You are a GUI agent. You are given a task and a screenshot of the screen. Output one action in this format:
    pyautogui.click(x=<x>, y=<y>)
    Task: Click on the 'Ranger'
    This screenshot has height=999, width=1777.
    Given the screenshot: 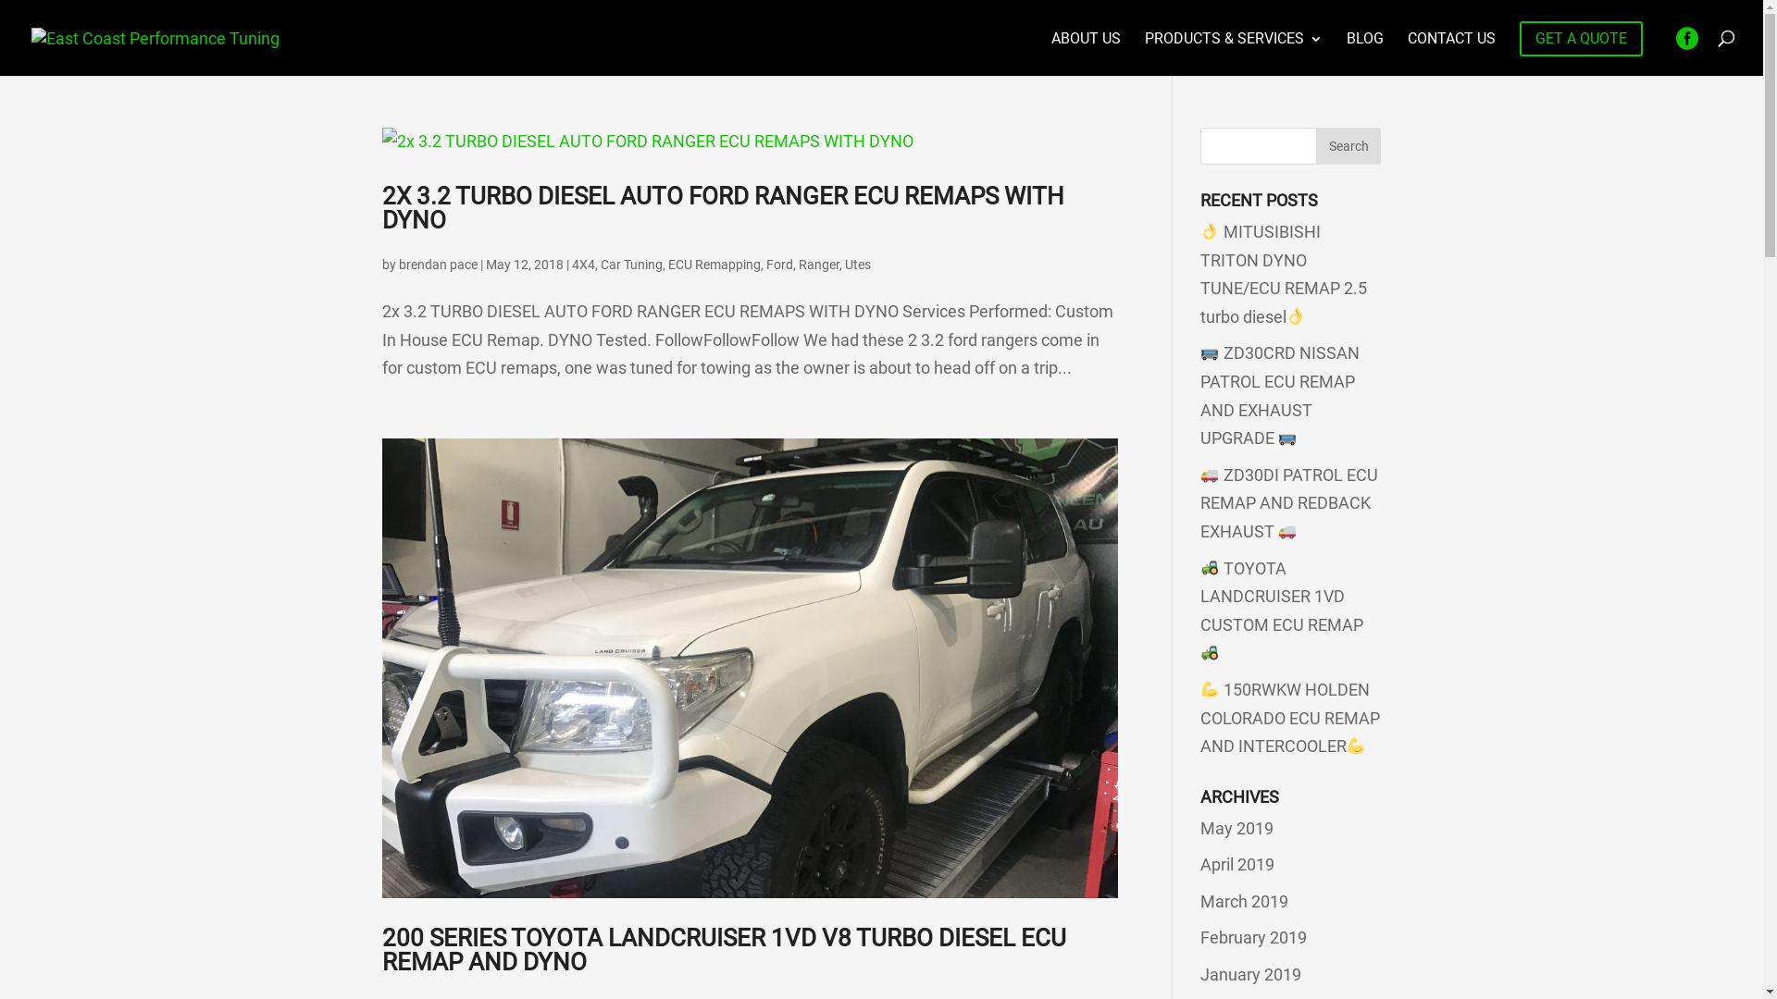 What is the action you would take?
    pyautogui.click(x=816, y=264)
    